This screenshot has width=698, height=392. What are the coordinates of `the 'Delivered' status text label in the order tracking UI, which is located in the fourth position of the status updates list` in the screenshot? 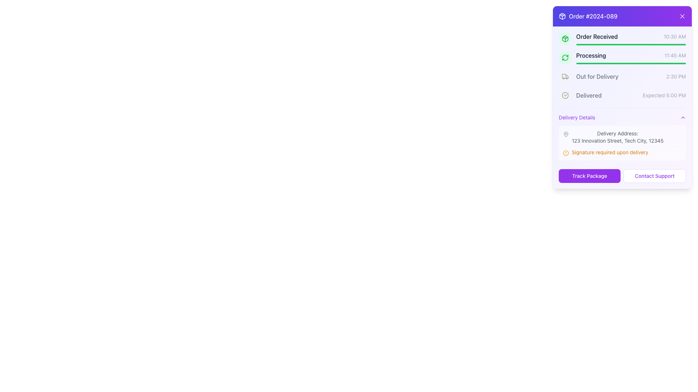 It's located at (589, 95).